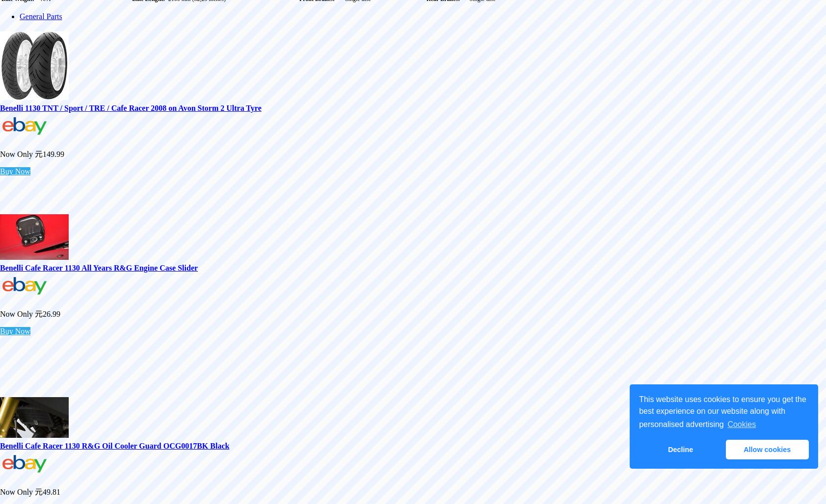 The width and height of the screenshot is (826, 504). I want to click on 'Decline', so click(680, 449).